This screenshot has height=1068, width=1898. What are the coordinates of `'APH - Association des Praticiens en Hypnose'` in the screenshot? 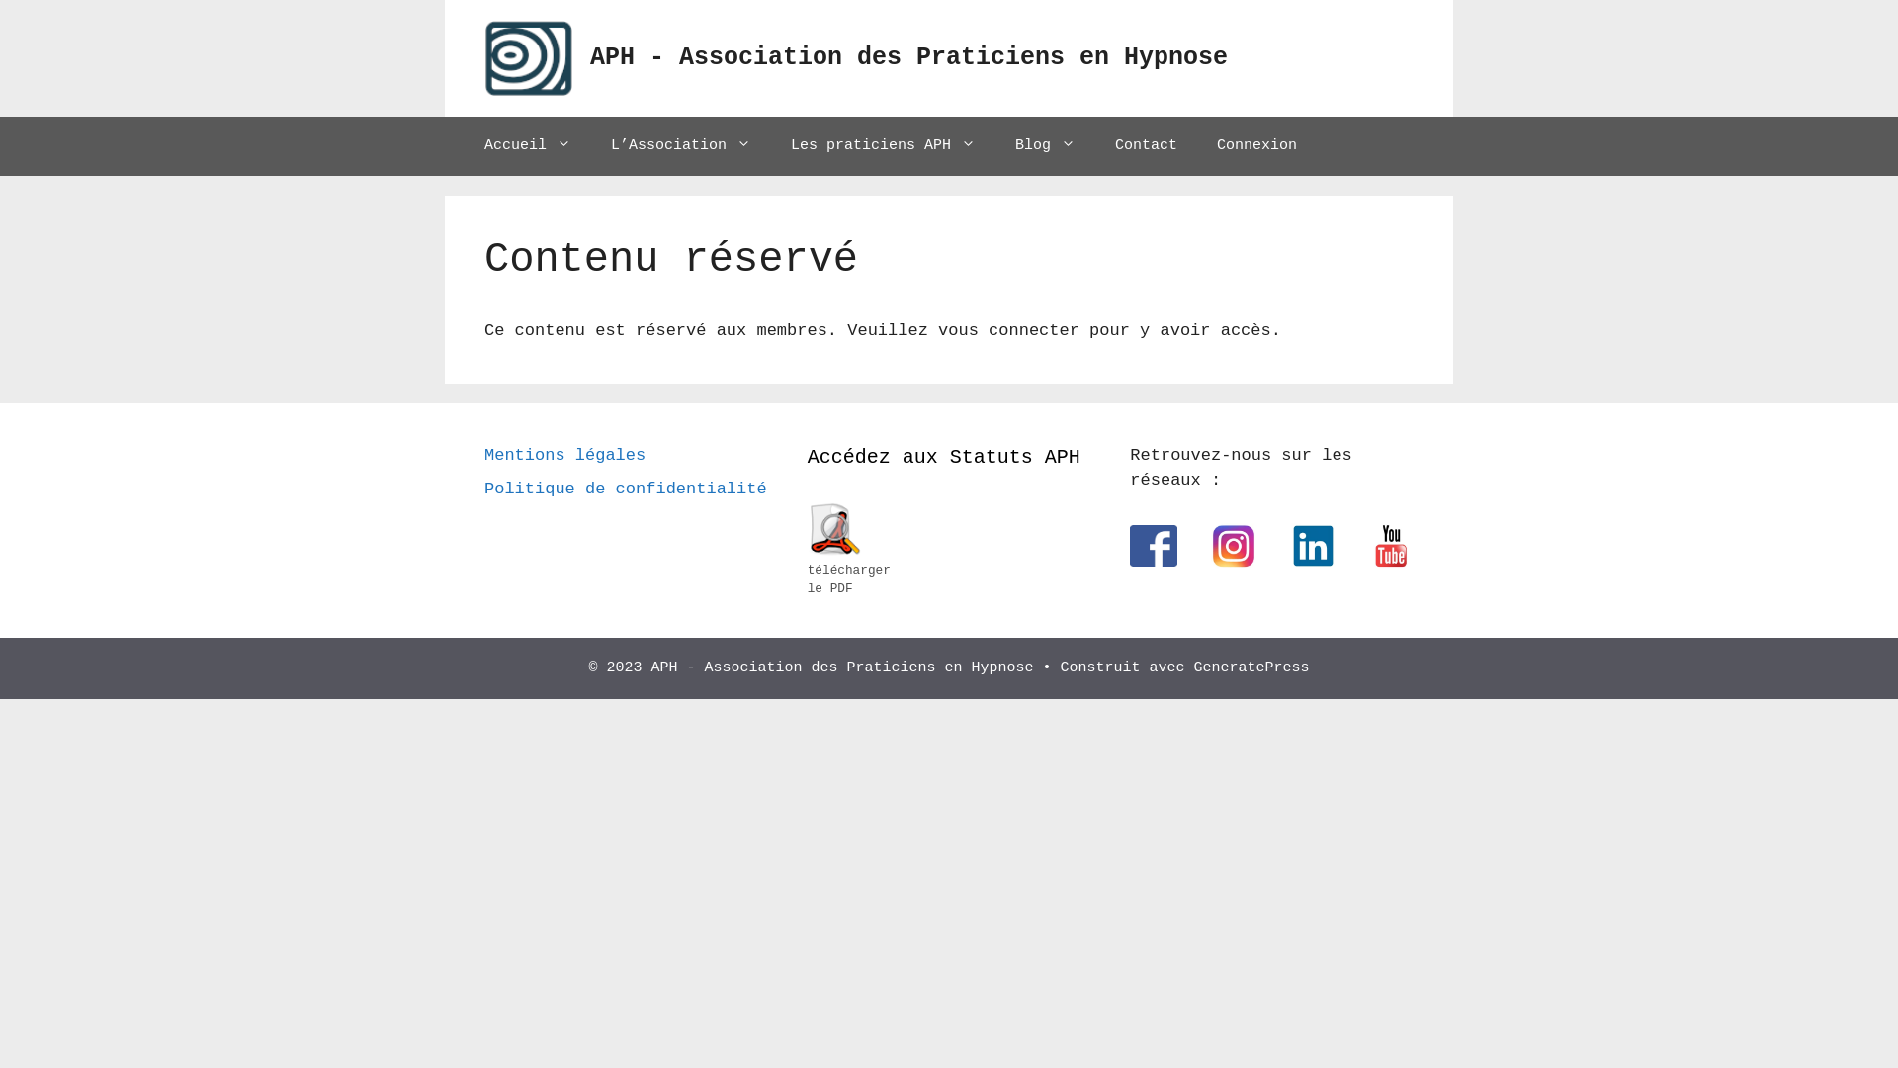 It's located at (907, 56).